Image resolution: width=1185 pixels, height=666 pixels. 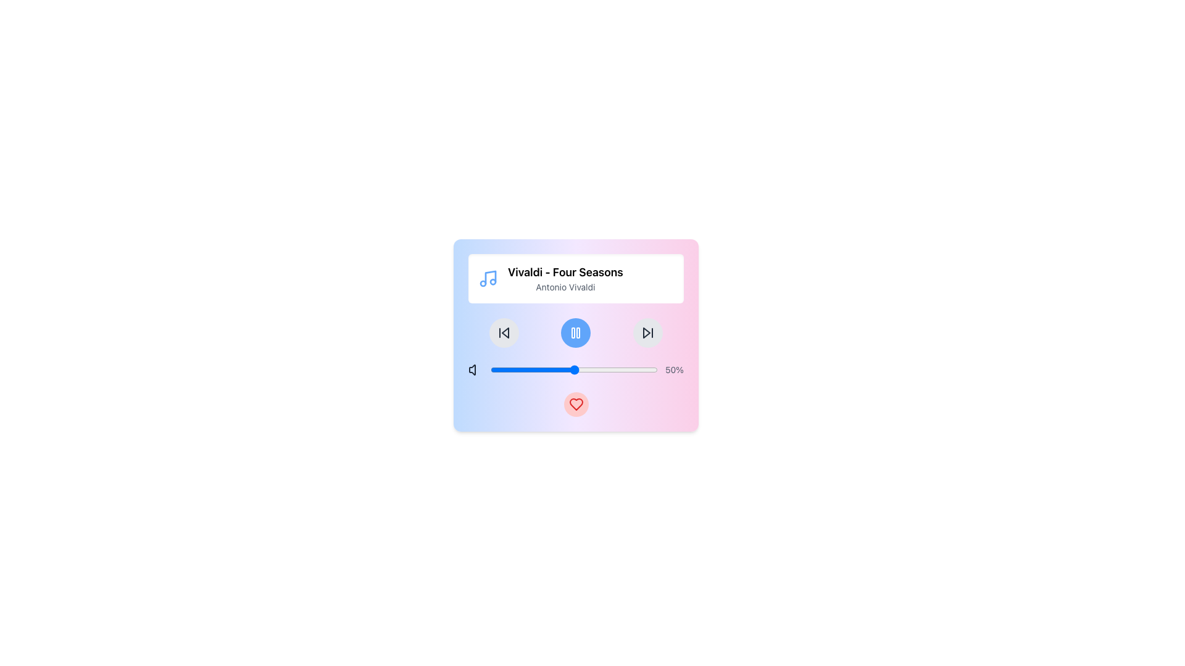 I want to click on the static text label indicating the composer or artist's name associated with 'Vivaldi - Four Seasons', located below the bolded title in the upper section of the interface, so click(x=565, y=287).